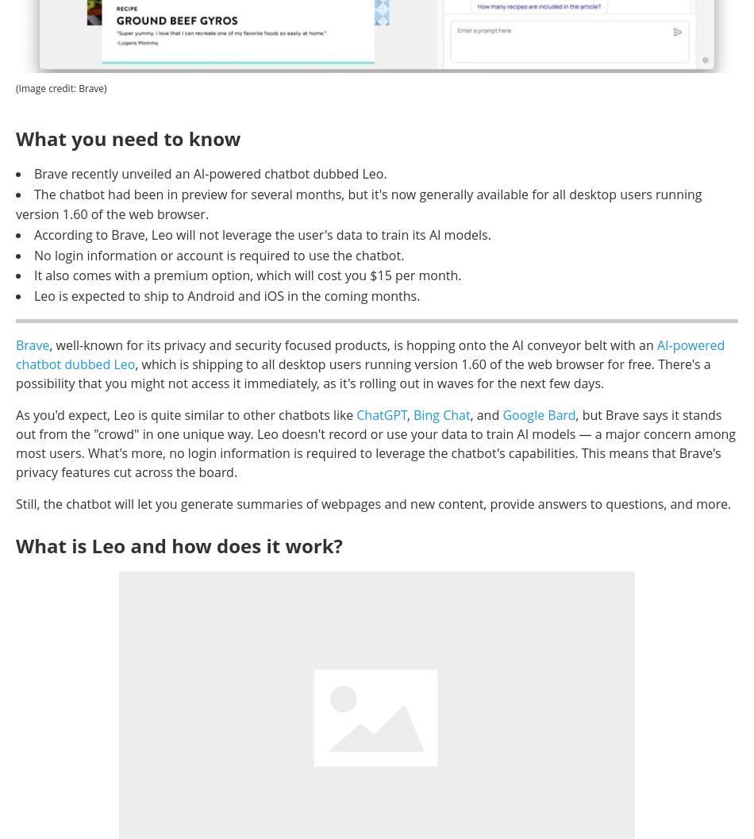 This screenshot has width=754, height=839. Describe the element at coordinates (358, 202) in the screenshot. I see `'The chatbot had been in preview for several months, but it's now generally available for all desktop users running version 1.60 of the web browser.'` at that location.